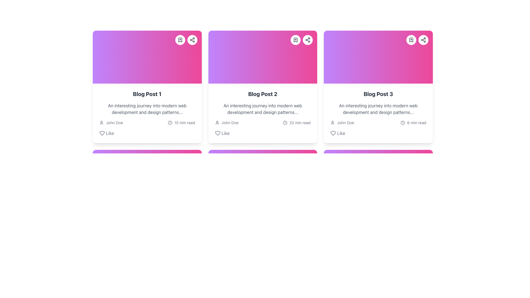 The height and width of the screenshot is (298, 530). Describe the element at coordinates (262, 87) in the screenshot. I see `the title of the Blog post card located in the second column of the first row` at that location.